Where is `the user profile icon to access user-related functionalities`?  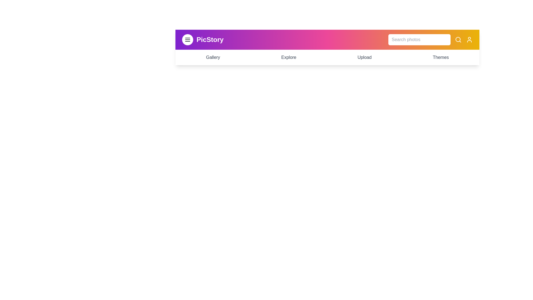
the user profile icon to access user-related functionalities is located at coordinates (469, 39).